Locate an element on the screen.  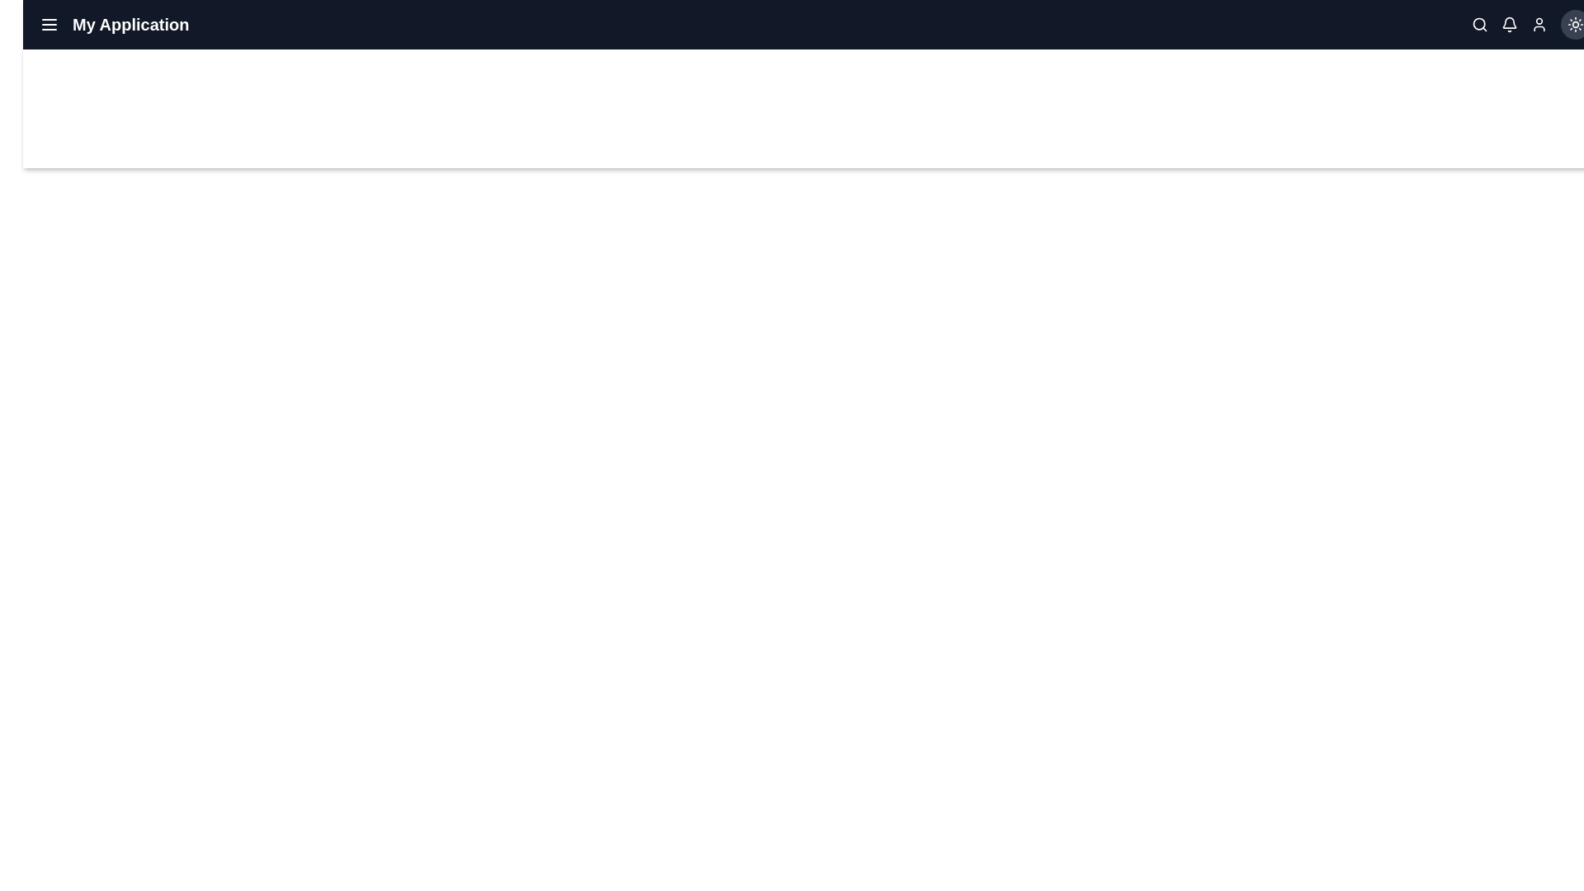
the user icon located in the top-right corner of the navigation bar, which is the third element from the right is located at coordinates (1539, 25).